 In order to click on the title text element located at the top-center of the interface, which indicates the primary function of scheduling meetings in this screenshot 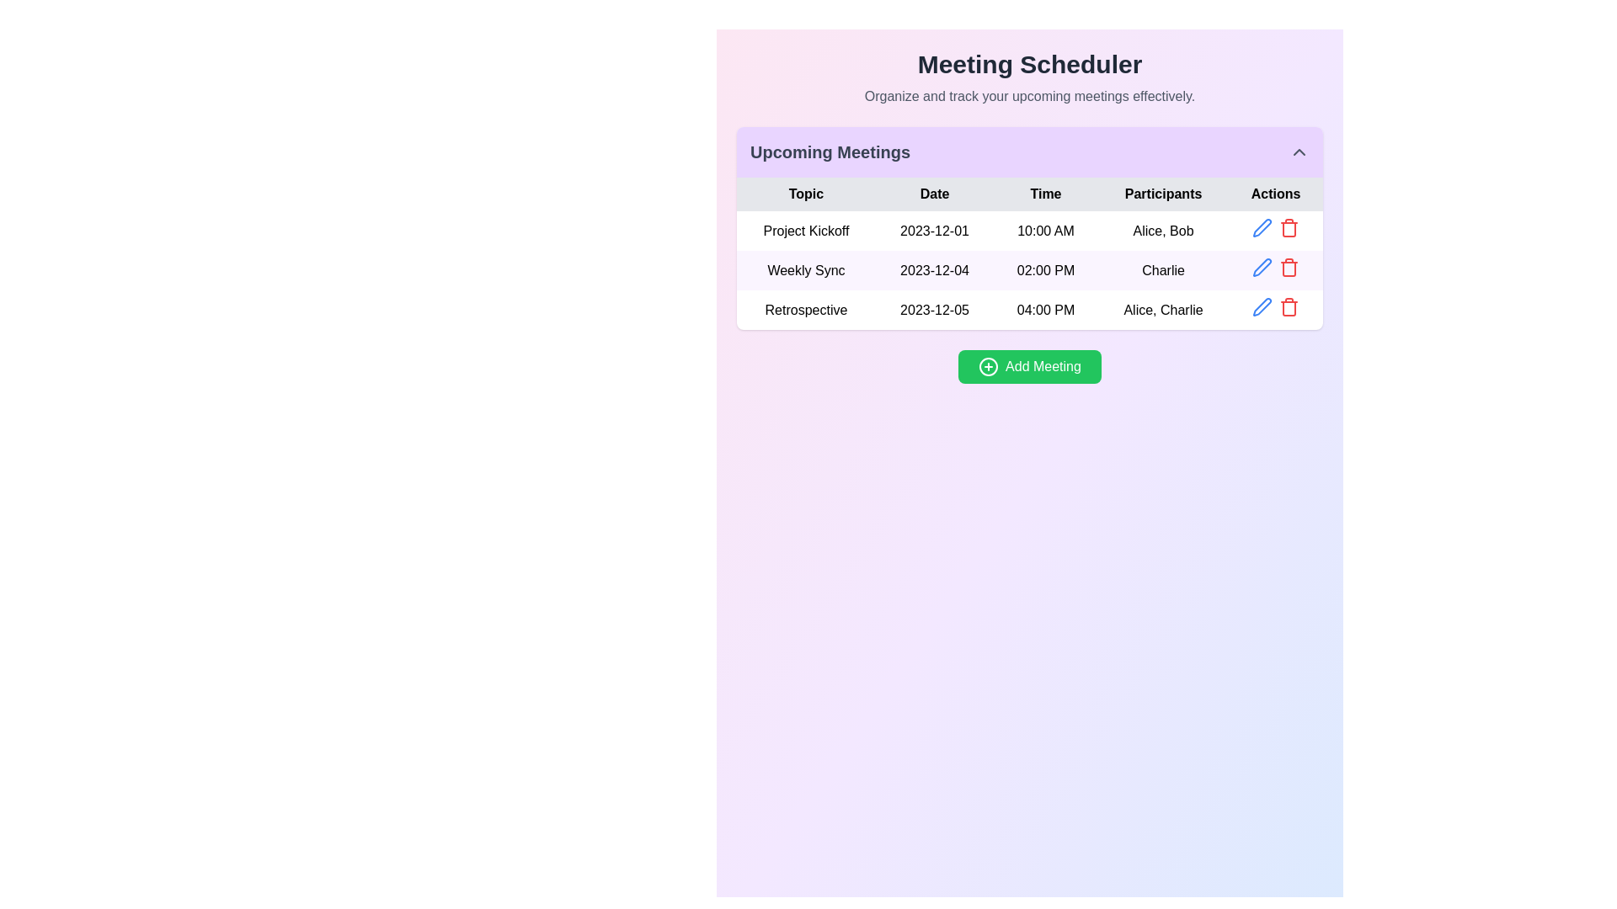, I will do `click(1029, 64)`.